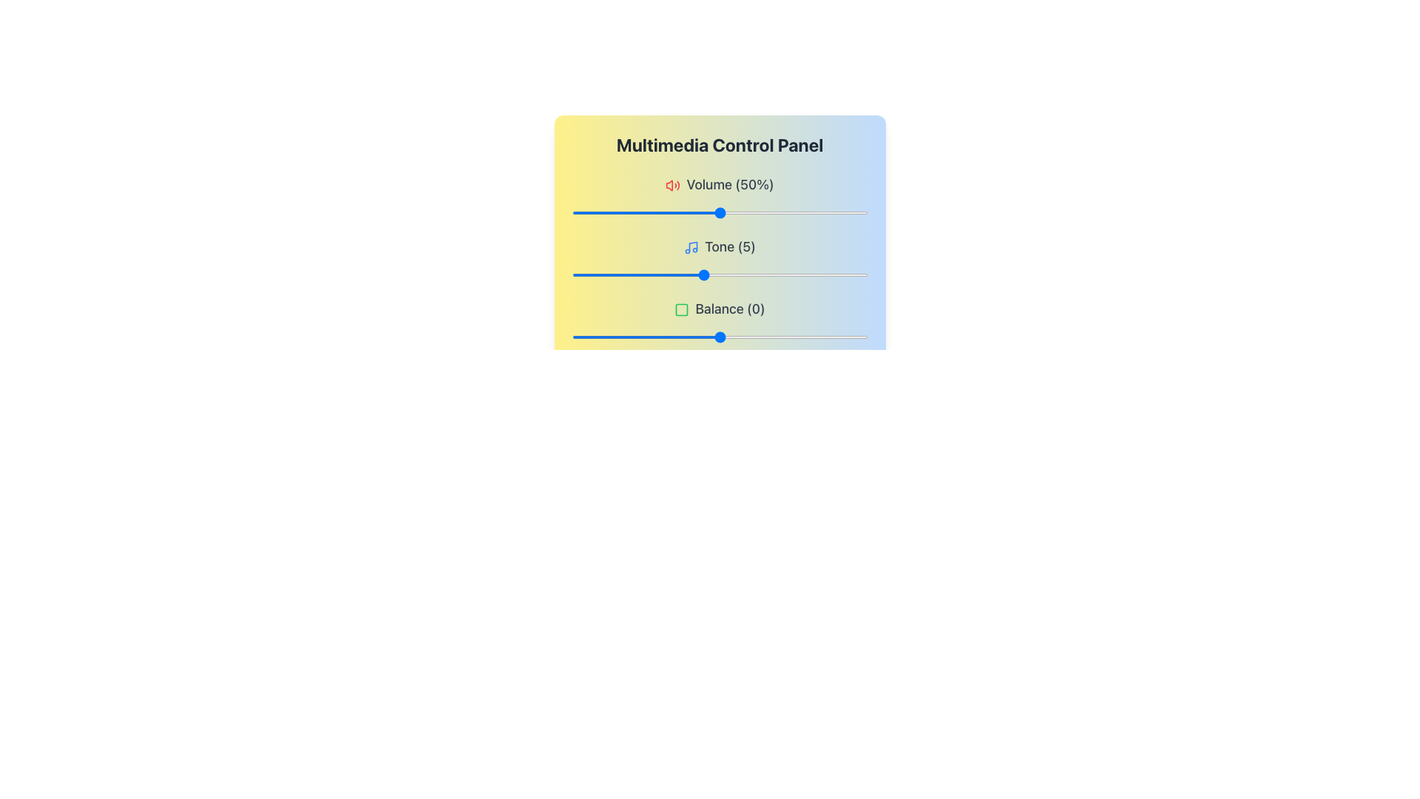 The height and width of the screenshot is (799, 1420). I want to click on the tone value, so click(571, 274).